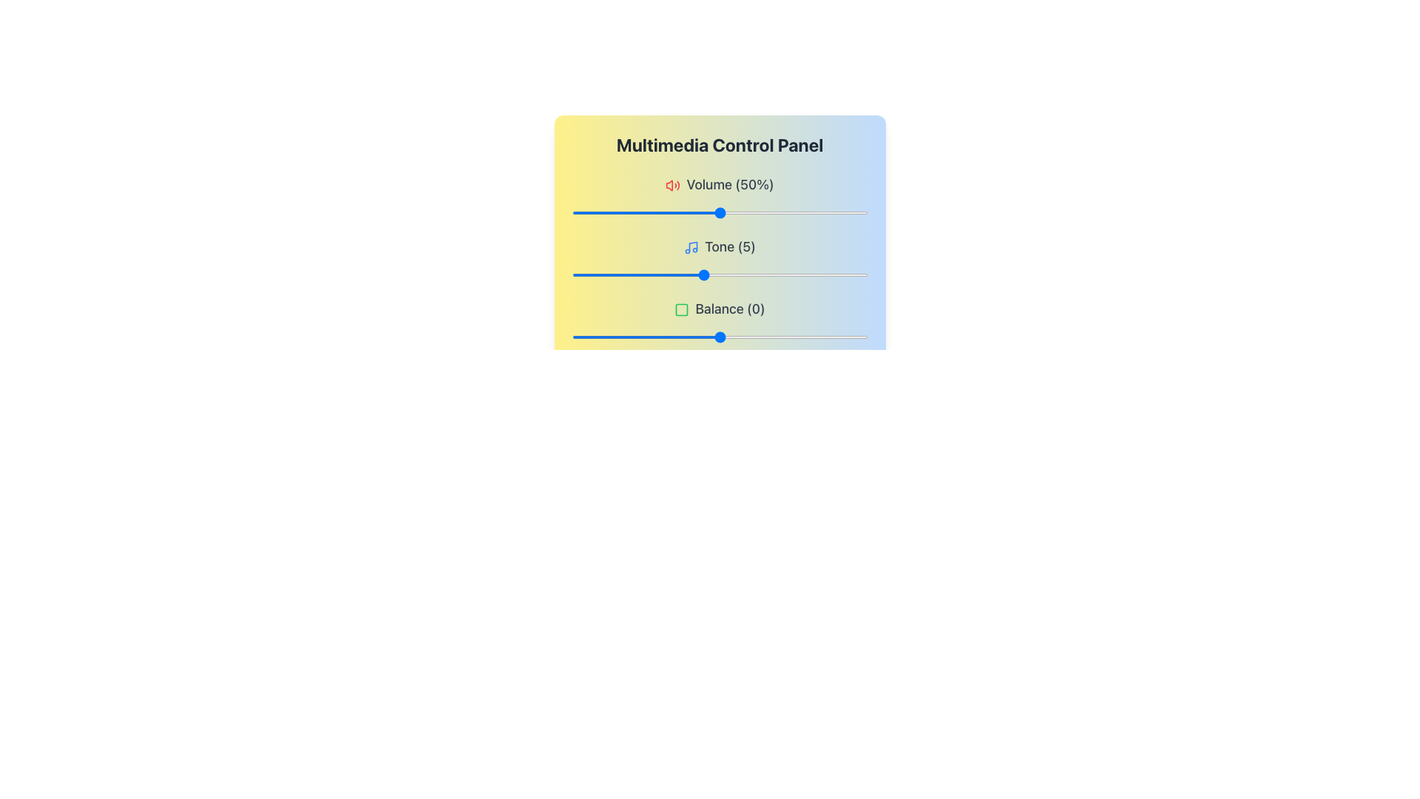 The height and width of the screenshot is (799, 1420). I want to click on the tone value, so click(571, 274).